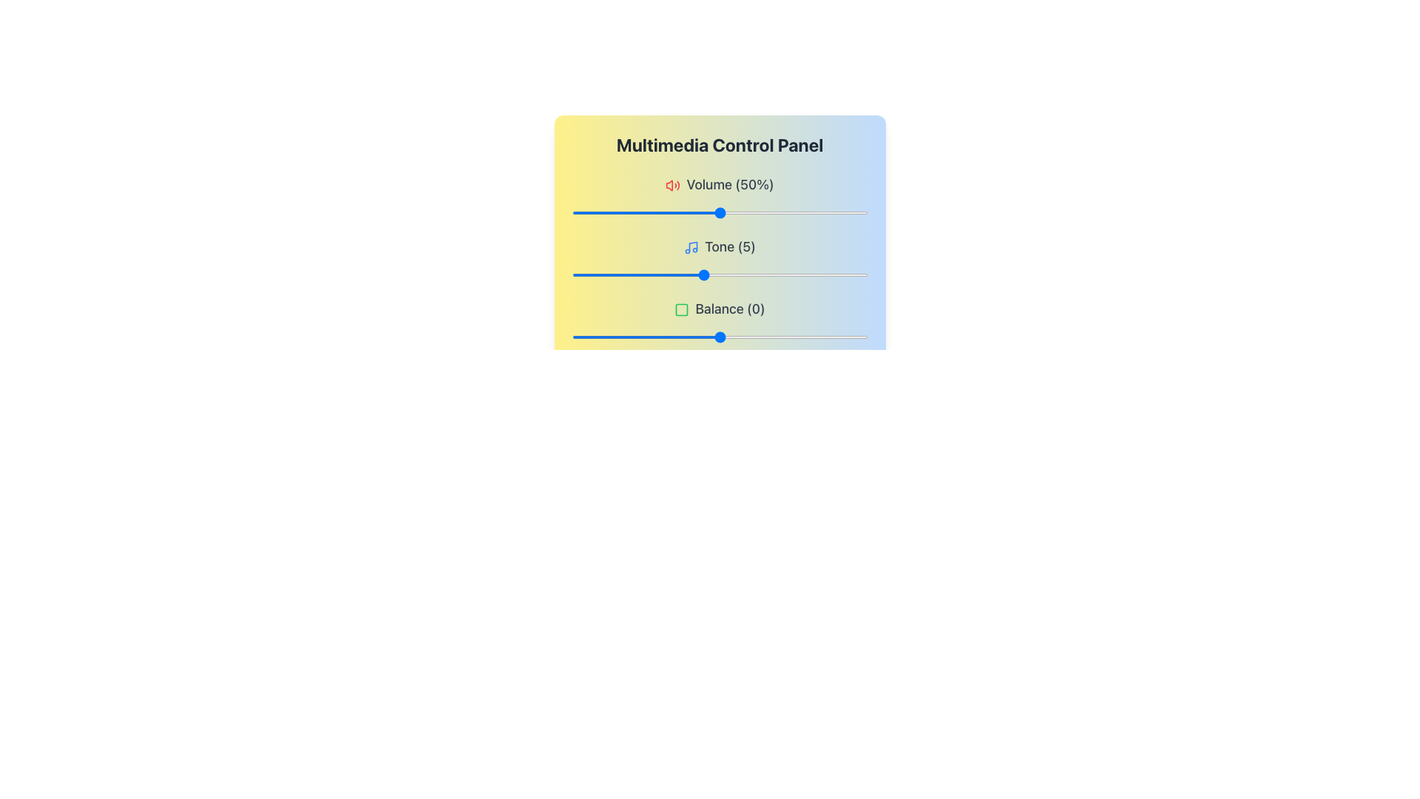 The height and width of the screenshot is (799, 1420). I want to click on the tone value, so click(571, 274).